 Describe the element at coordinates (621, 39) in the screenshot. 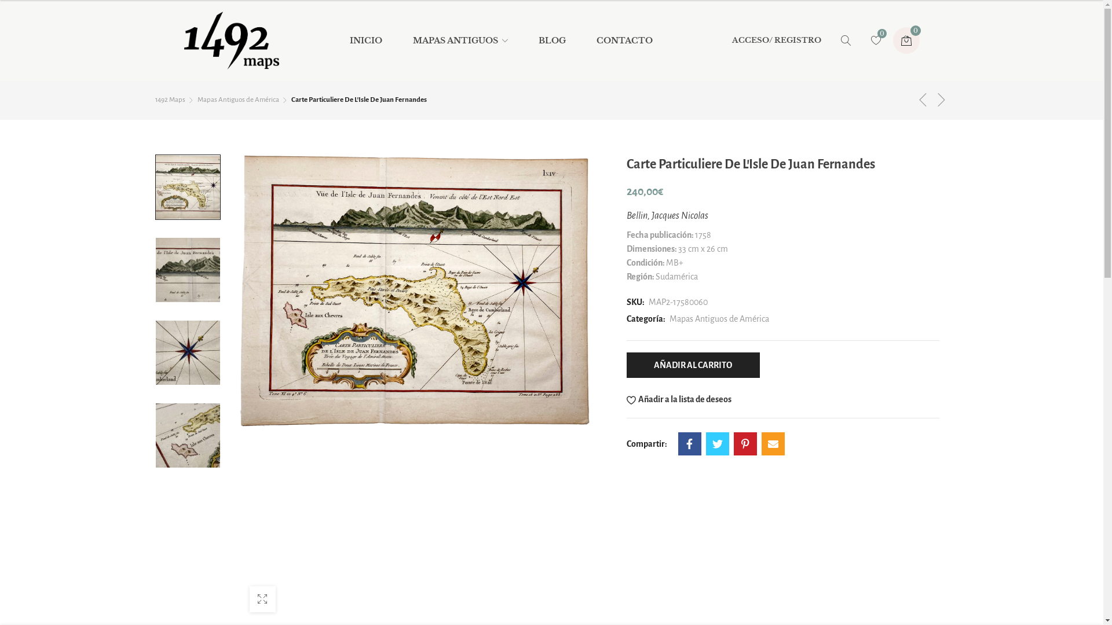

I see `'CONTACTO'` at that location.